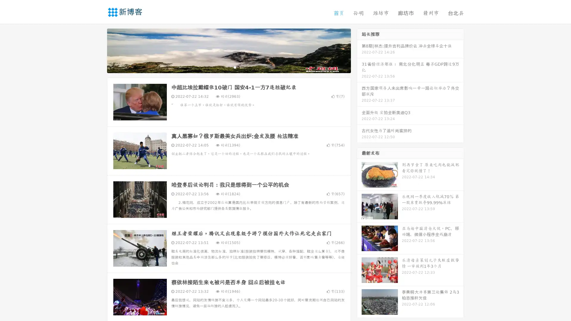 Image resolution: width=571 pixels, height=321 pixels. What do you see at coordinates (235, 67) in the screenshot?
I see `Go to slide 3` at bounding box center [235, 67].